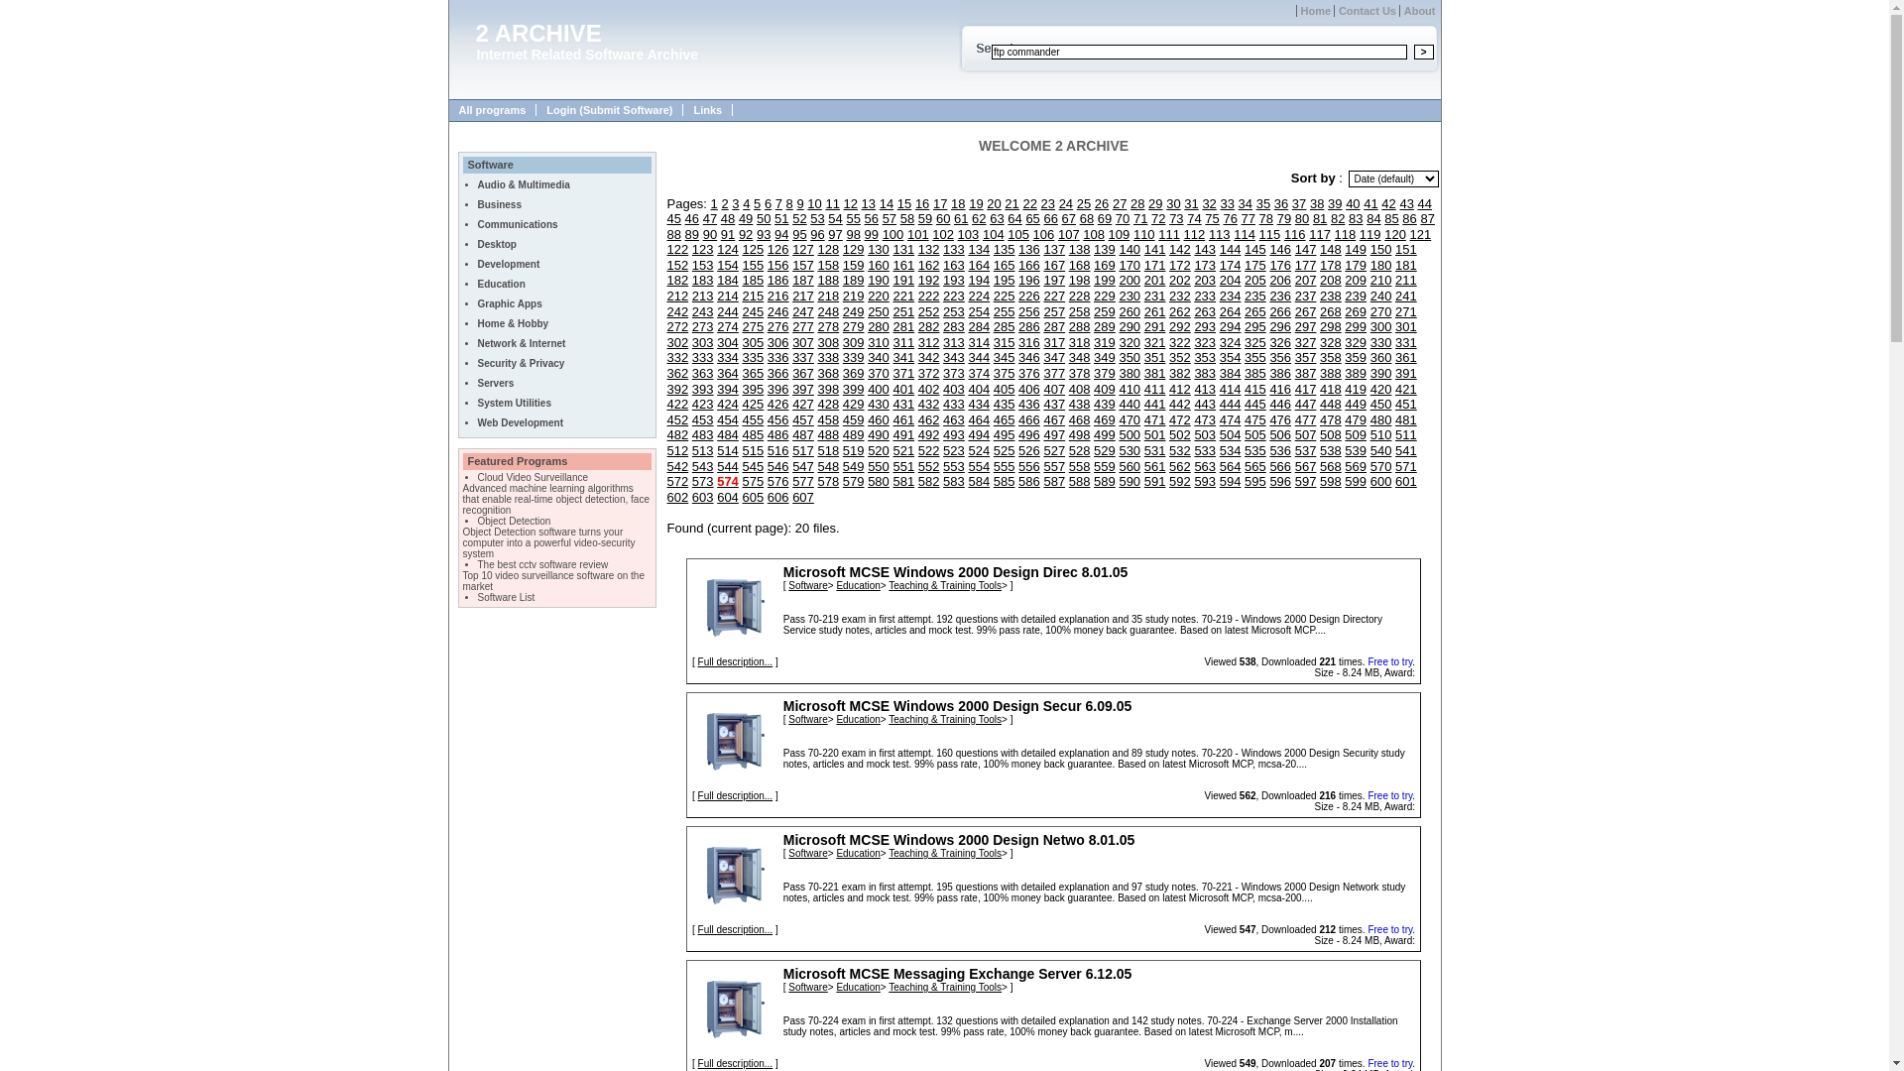 This screenshot has width=1904, height=1071. What do you see at coordinates (807, 584) in the screenshot?
I see `'Software'` at bounding box center [807, 584].